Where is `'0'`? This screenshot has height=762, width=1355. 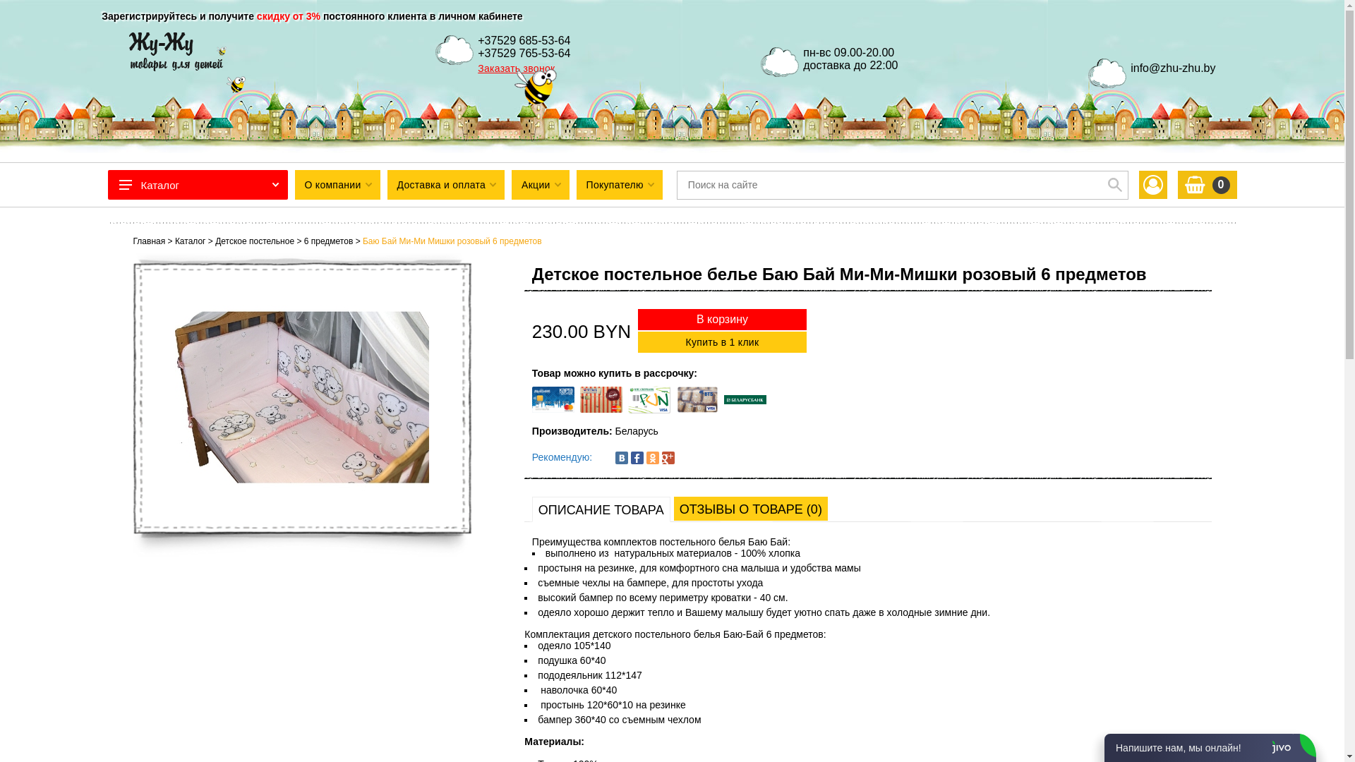
'0' is located at coordinates (1177, 184).